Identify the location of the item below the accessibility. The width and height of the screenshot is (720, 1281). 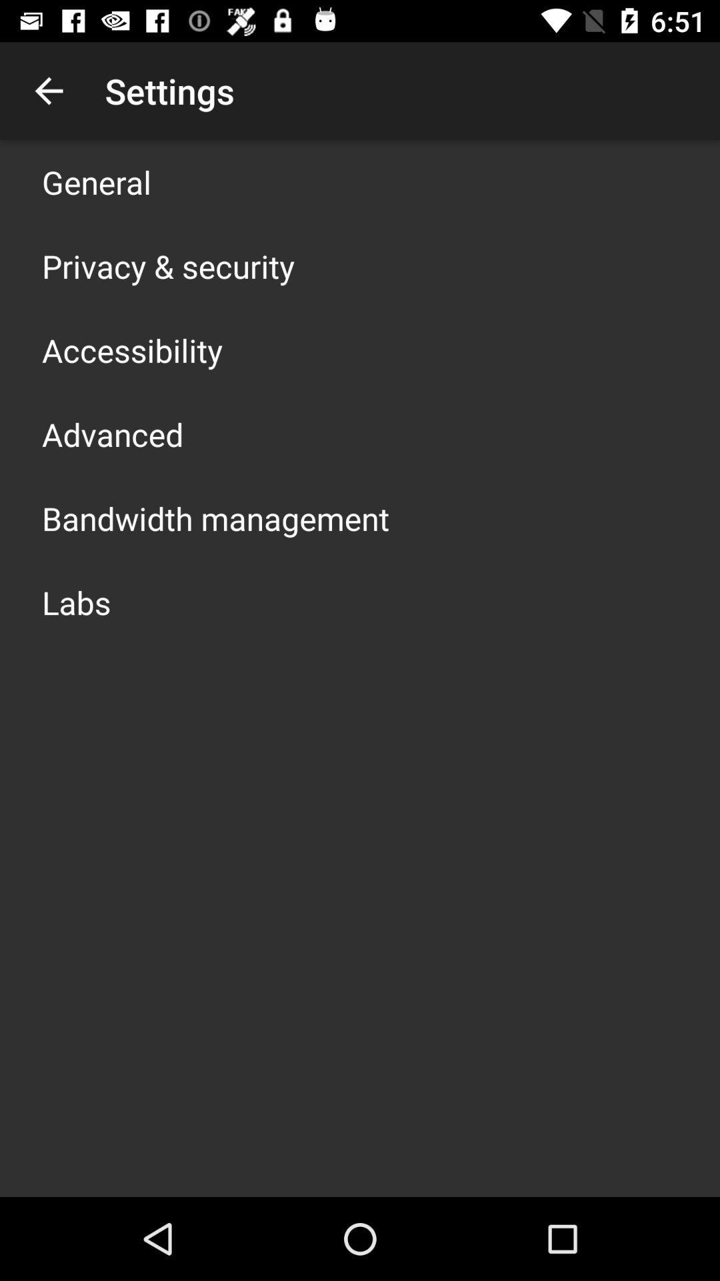
(112, 434).